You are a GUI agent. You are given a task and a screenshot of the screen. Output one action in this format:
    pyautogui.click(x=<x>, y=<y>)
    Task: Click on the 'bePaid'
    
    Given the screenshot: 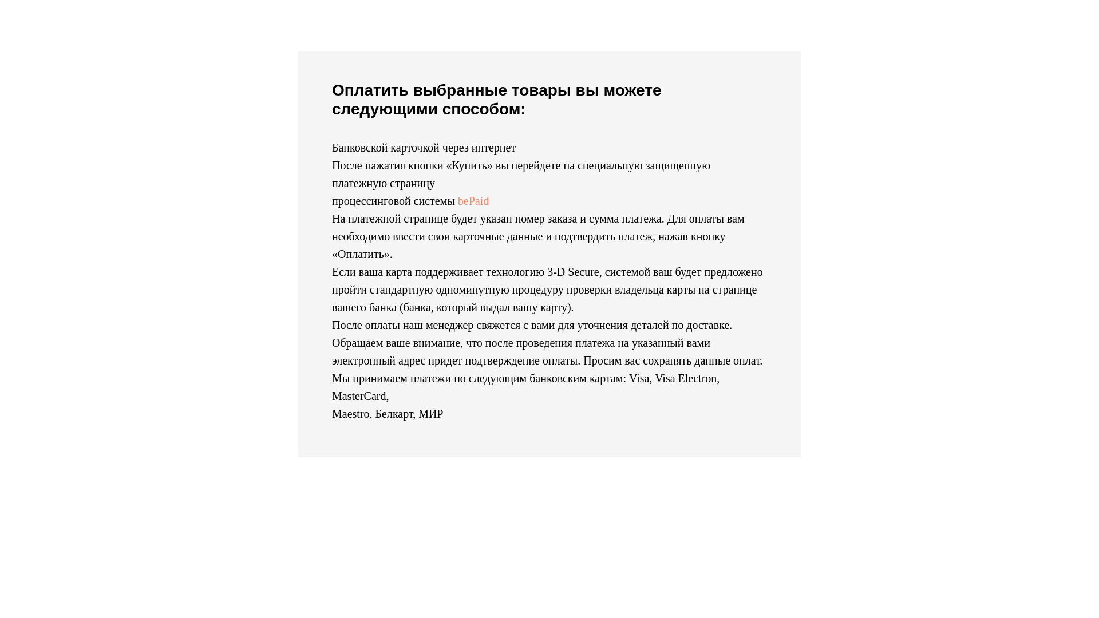 What is the action you would take?
    pyautogui.click(x=473, y=200)
    